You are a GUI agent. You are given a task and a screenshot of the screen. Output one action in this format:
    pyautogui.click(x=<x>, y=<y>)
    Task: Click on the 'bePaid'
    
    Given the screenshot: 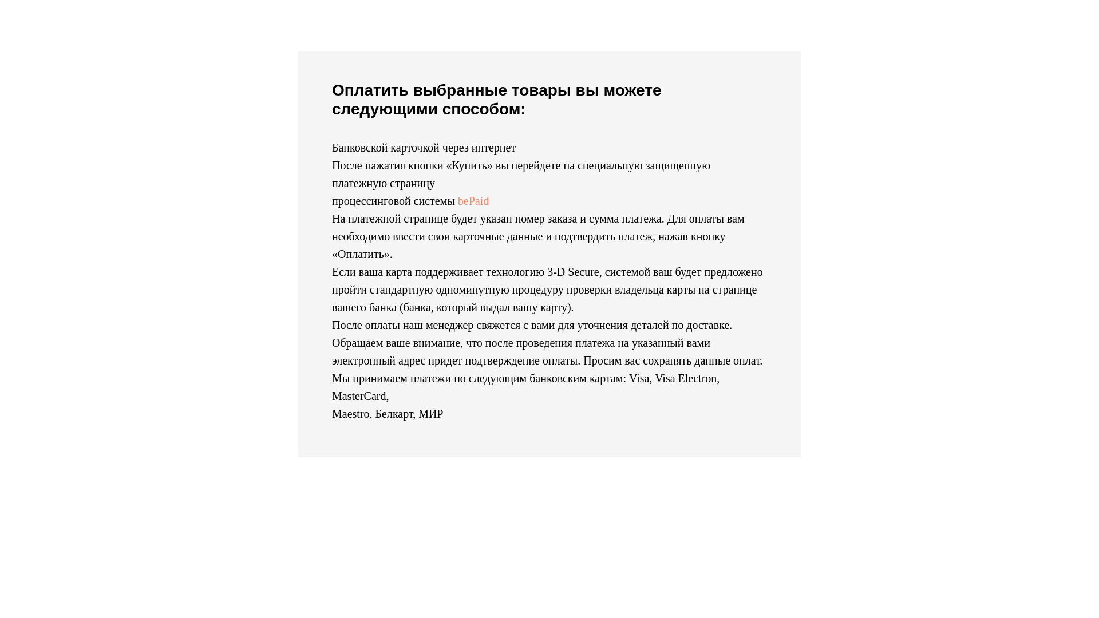 What is the action you would take?
    pyautogui.click(x=473, y=200)
    